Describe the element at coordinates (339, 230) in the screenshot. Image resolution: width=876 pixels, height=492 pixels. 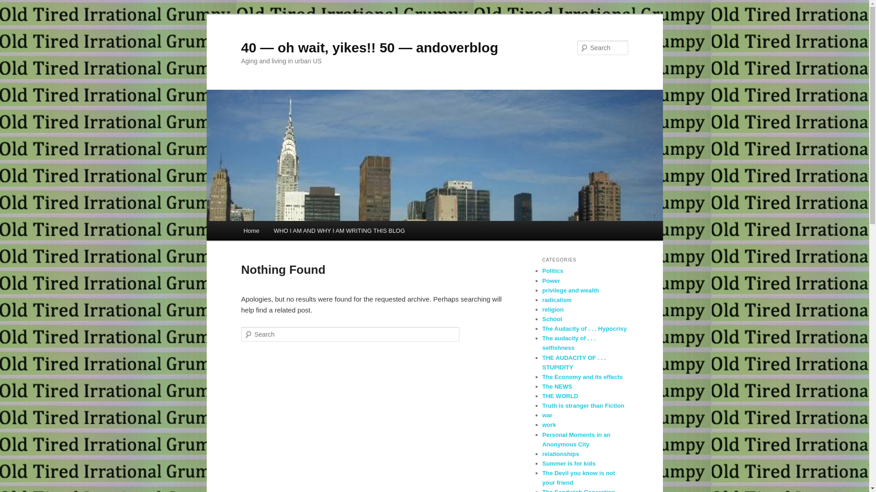
I see `'WHO I AM AND WHY I AM WRITING THIS BLOG'` at that location.